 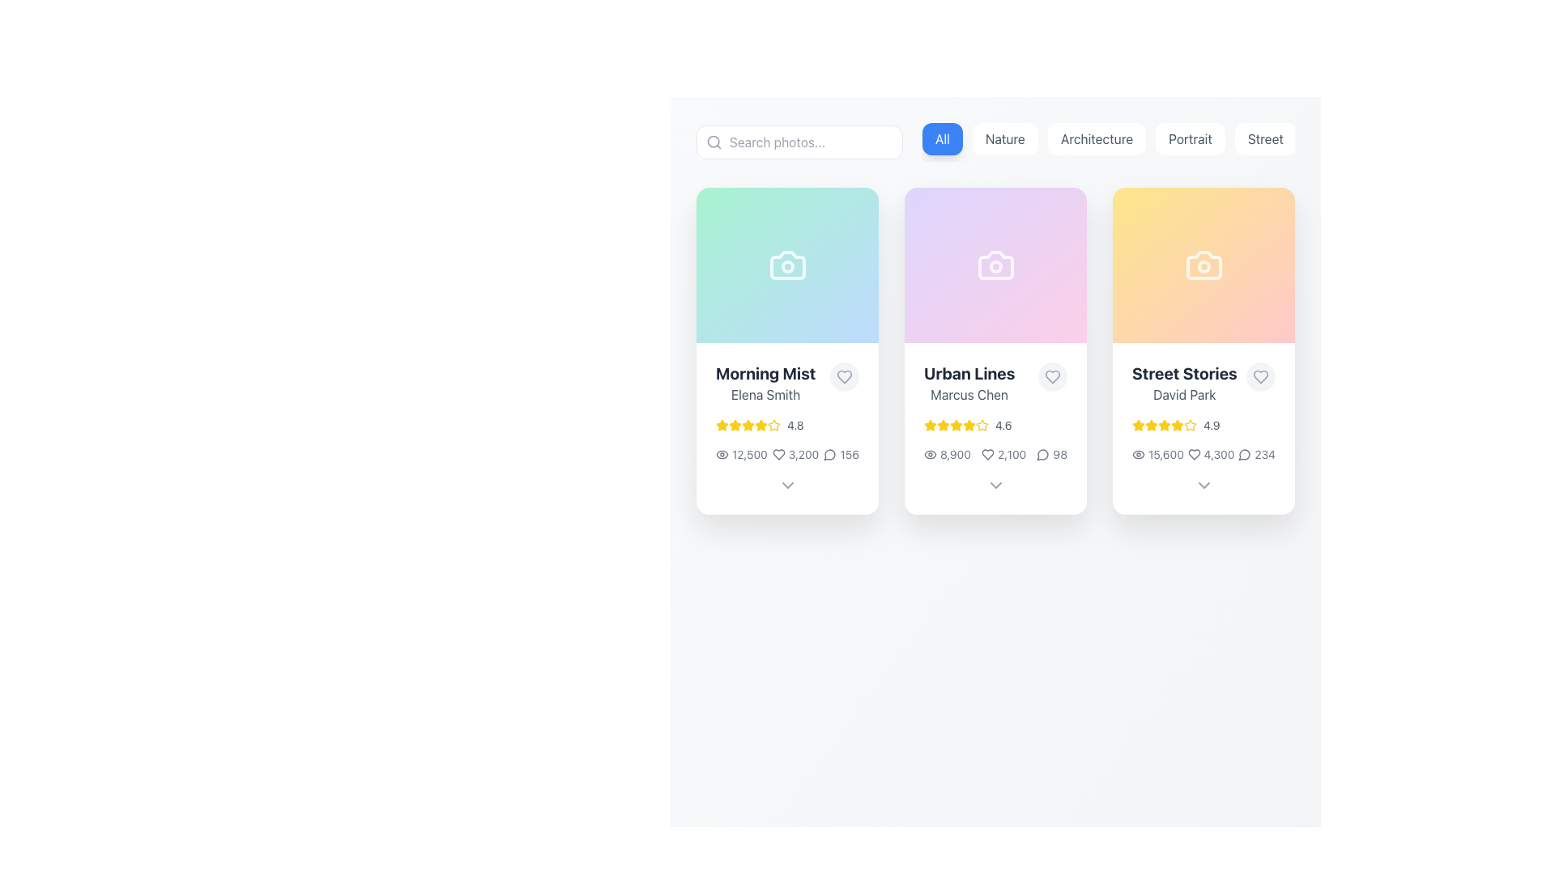 I want to click on the message/comment icon located within the 'Morning Mist' card by 'Elena Smith', so click(x=830, y=455).